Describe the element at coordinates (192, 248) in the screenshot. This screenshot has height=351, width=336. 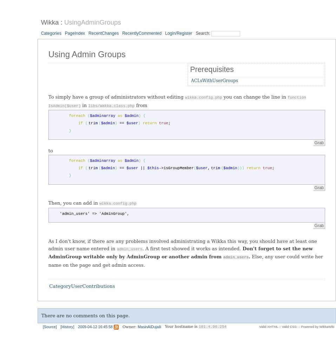
I see `'. A first test showed it works as intended.'` at that location.